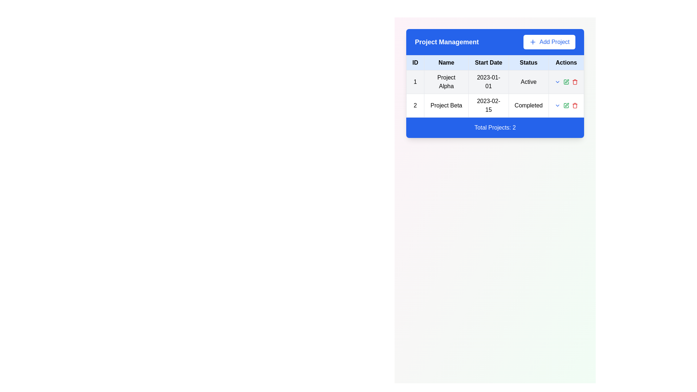  What do you see at coordinates (415, 82) in the screenshot?
I see `the first entry in the table under the 'ID' column, which is identified as the first cell in the first row of the table` at bounding box center [415, 82].